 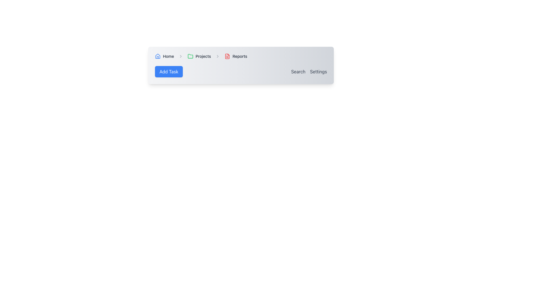 What do you see at coordinates (236, 56) in the screenshot?
I see `the 'Reports' breadcrumb navigation item, which features a red paper sheet icon and black text` at bounding box center [236, 56].